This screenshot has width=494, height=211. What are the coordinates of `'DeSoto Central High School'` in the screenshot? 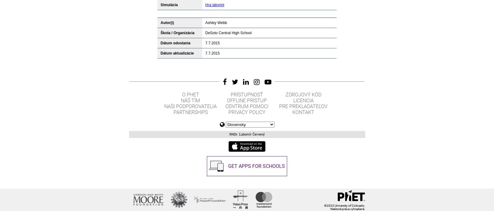 It's located at (228, 32).